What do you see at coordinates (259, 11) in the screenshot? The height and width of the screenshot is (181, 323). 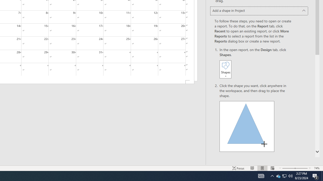 I see `'Add a shape in Project'` at bounding box center [259, 11].